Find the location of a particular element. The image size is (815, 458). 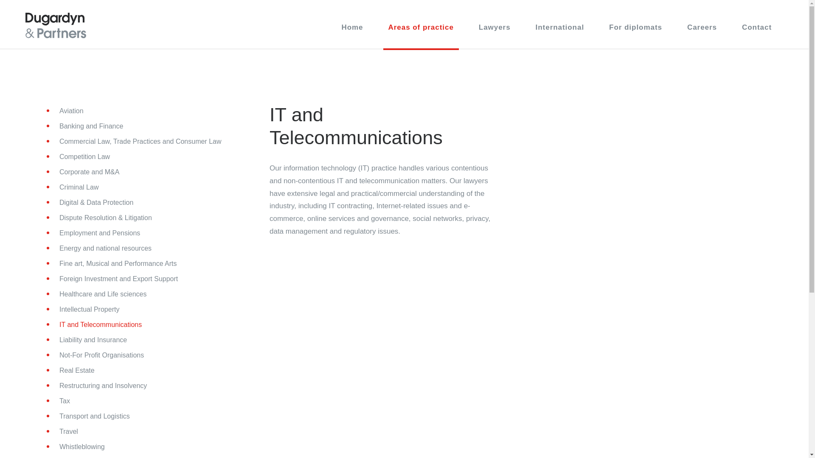

'Contact' is located at coordinates (756, 30).